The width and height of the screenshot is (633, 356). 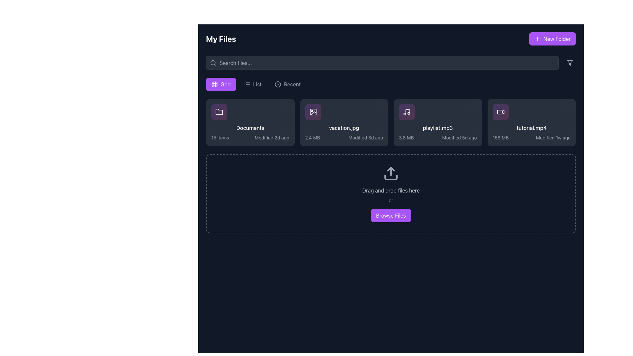 What do you see at coordinates (406, 111) in the screenshot?
I see `the audio file icon representing 'playlist.mp3' located in the file preview grid near the top center of the interface` at bounding box center [406, 111].